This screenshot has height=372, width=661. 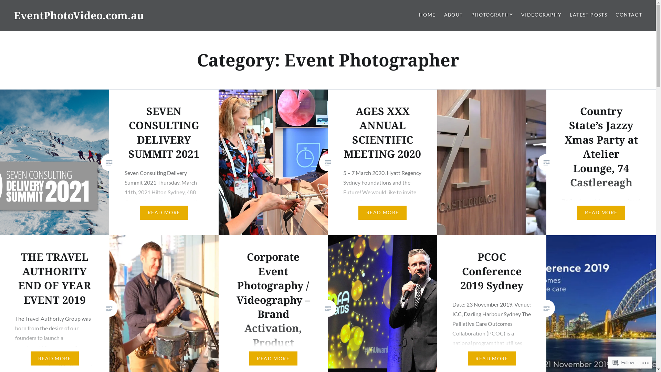 What do you see at coordinates (541, 15) in the screenshot?
I see `'VIDEOGRAPHY'` at bounding box center [541, 15].